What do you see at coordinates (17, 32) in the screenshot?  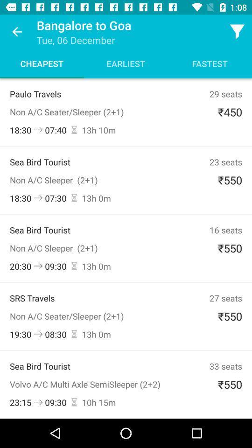 I see `the item above cheapest` at bounding box center [17, 32].